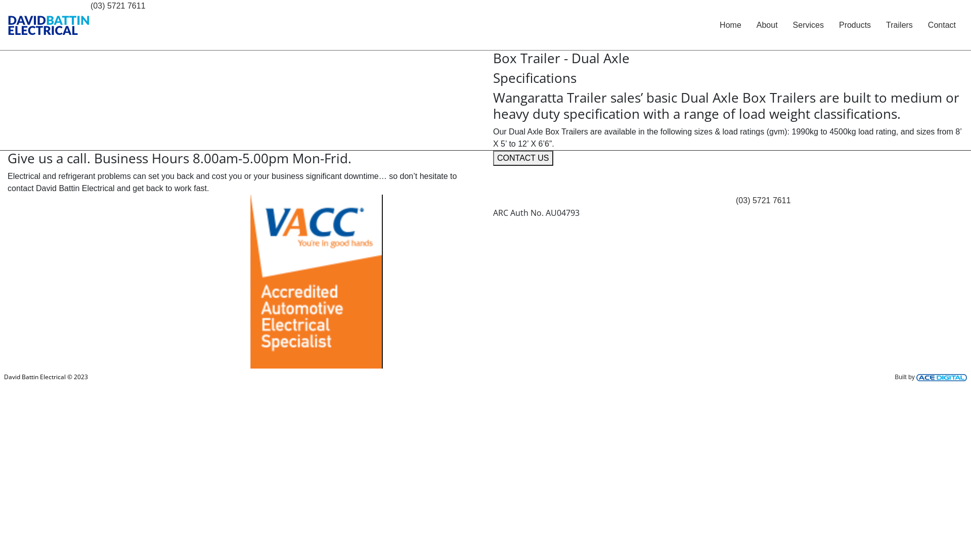  Describe the element at coordinates (763, 200) in the screenshot. I see `'(03) 5721 7611'` at that location.